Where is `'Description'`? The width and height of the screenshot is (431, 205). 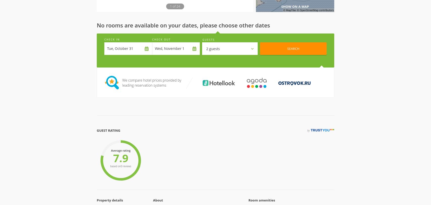 'Description' is located at coordinates (107, 180).